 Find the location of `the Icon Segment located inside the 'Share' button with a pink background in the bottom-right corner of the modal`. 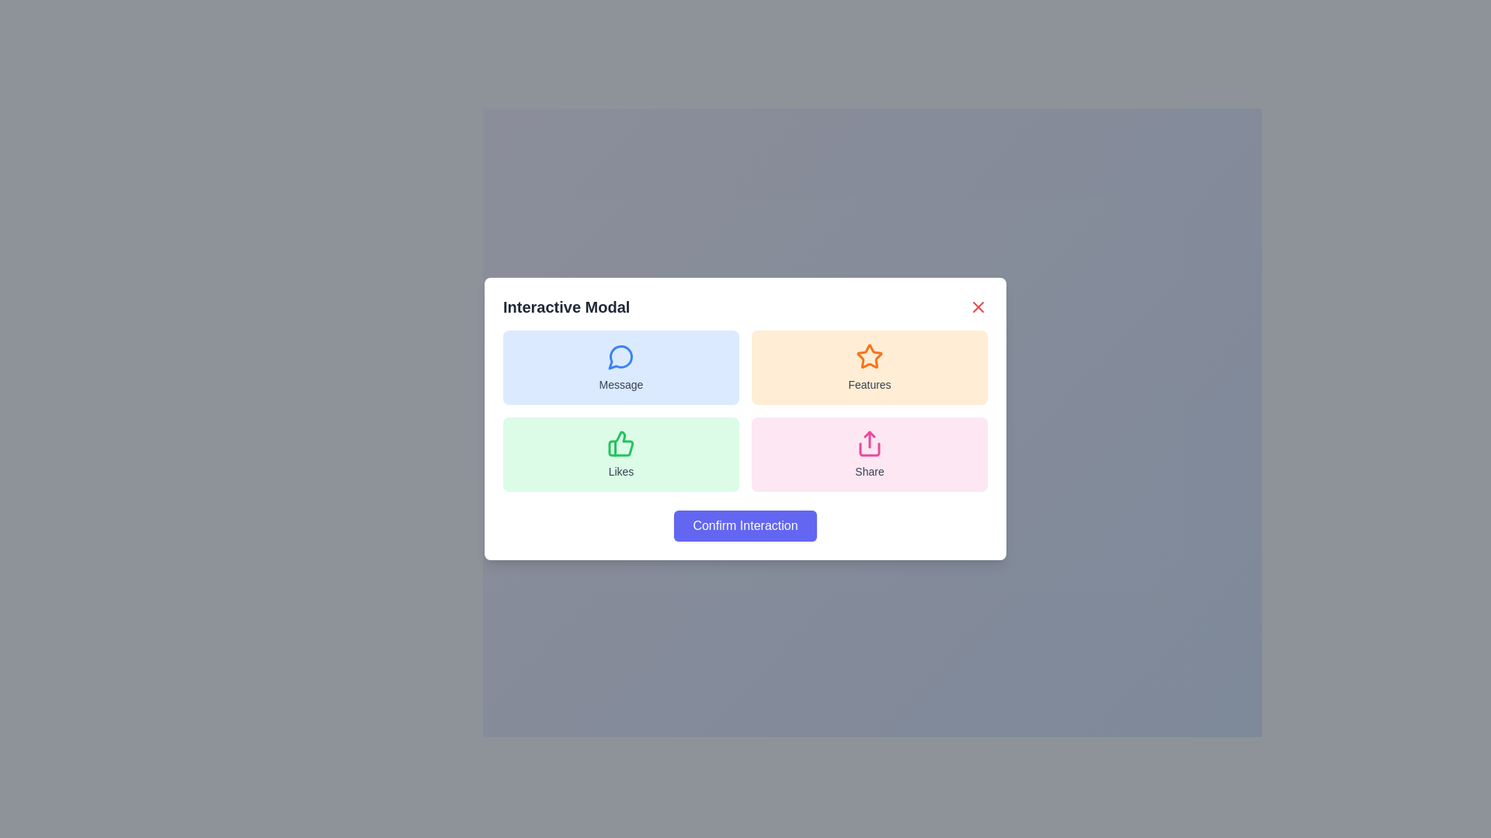

the Icon Segment located inside the 'Share' button with a pink background in the bottom-right corner of the modal is located at coordinates (868, 449).